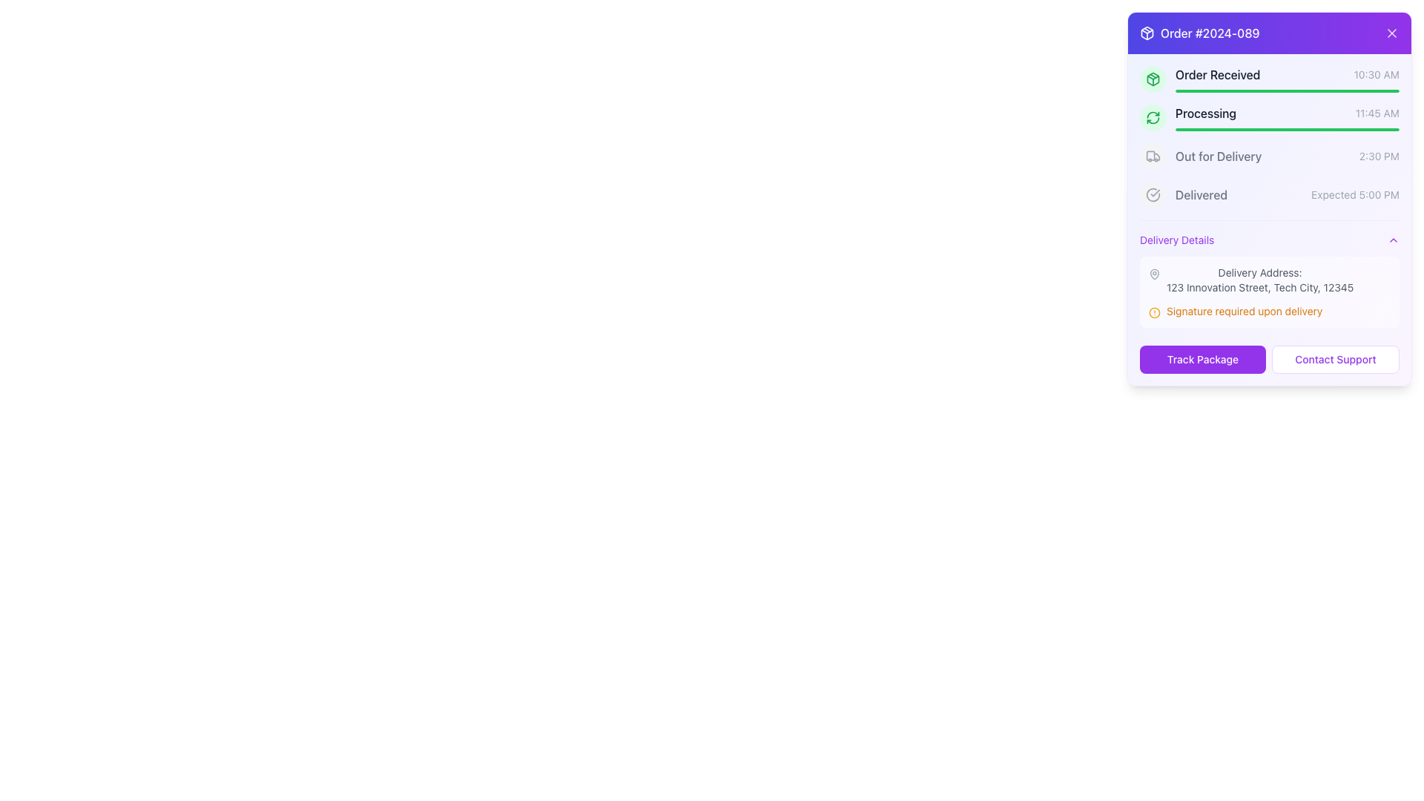 The width and height of the screenshot is (1424, 801). I want to click on the static text label displaying 'Expected 5:00 PM', which is styled with a small font size and light gray coloring, located under the 'Delivered' label and aligned to the right side of its containing box, so click(1355, 194).